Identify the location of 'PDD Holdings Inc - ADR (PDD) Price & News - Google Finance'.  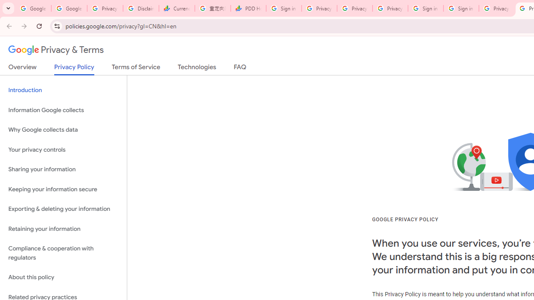
(248, 8).